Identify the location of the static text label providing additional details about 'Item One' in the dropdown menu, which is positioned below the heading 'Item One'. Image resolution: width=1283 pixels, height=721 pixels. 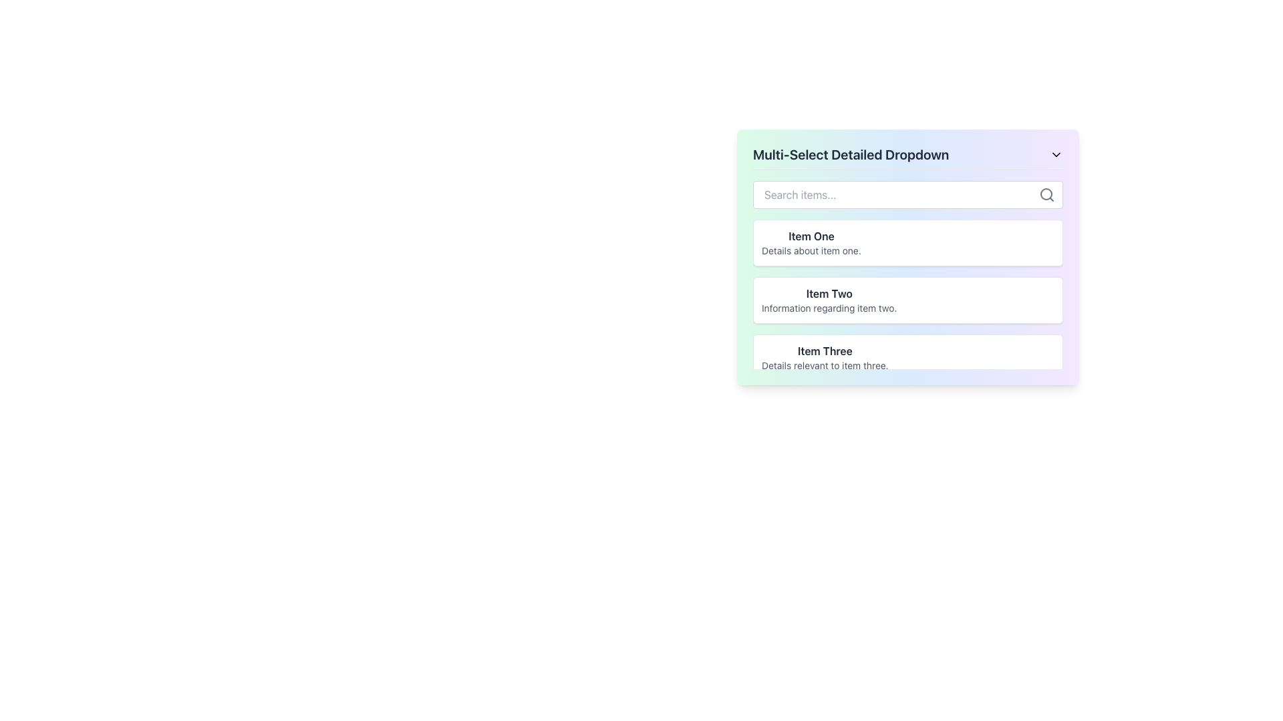
(811, 250).